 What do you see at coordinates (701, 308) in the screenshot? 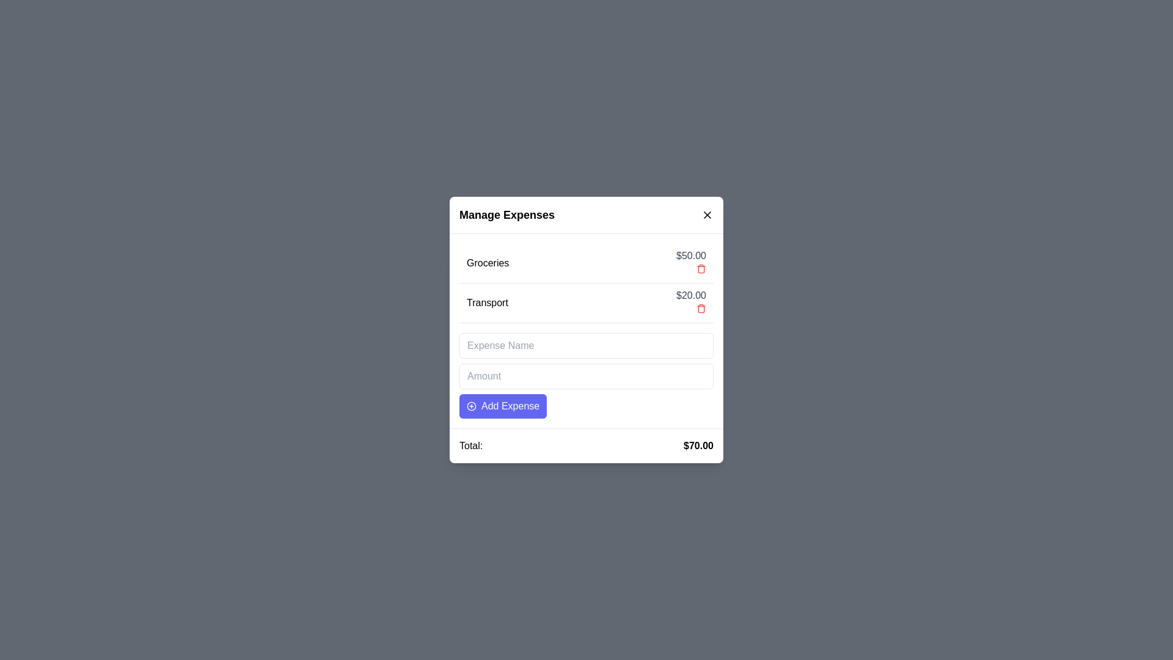
I see `the trash can icon representing the delete functionality associated with the 'Transport' expense entry in the 'Manage Expenses' dialog box` at bounding box center [701, 308].